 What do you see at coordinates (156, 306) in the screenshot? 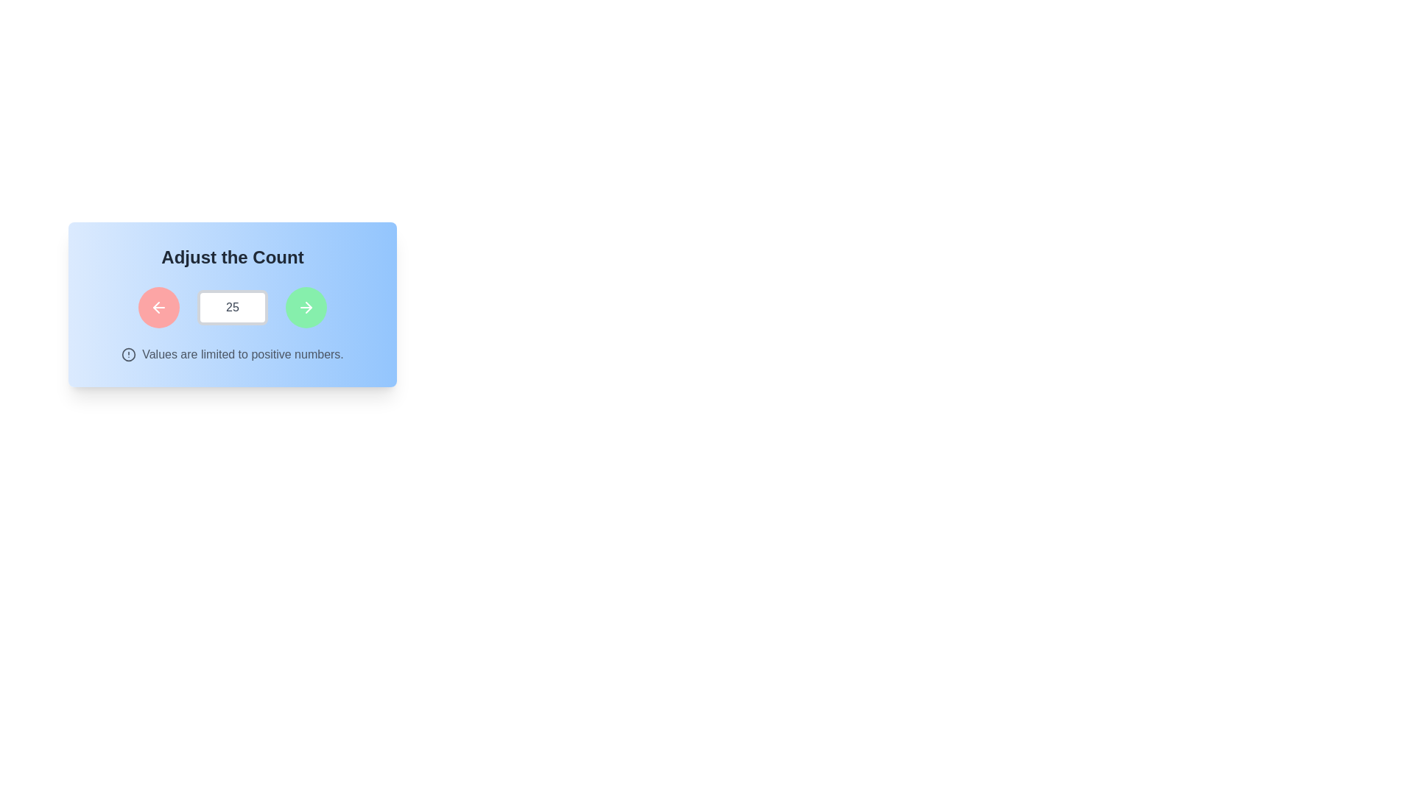
I see `the left arrow button to decrease the value displayed in the numeric input field next to it, which currently shows '25'` at bounding box center [156, 306].